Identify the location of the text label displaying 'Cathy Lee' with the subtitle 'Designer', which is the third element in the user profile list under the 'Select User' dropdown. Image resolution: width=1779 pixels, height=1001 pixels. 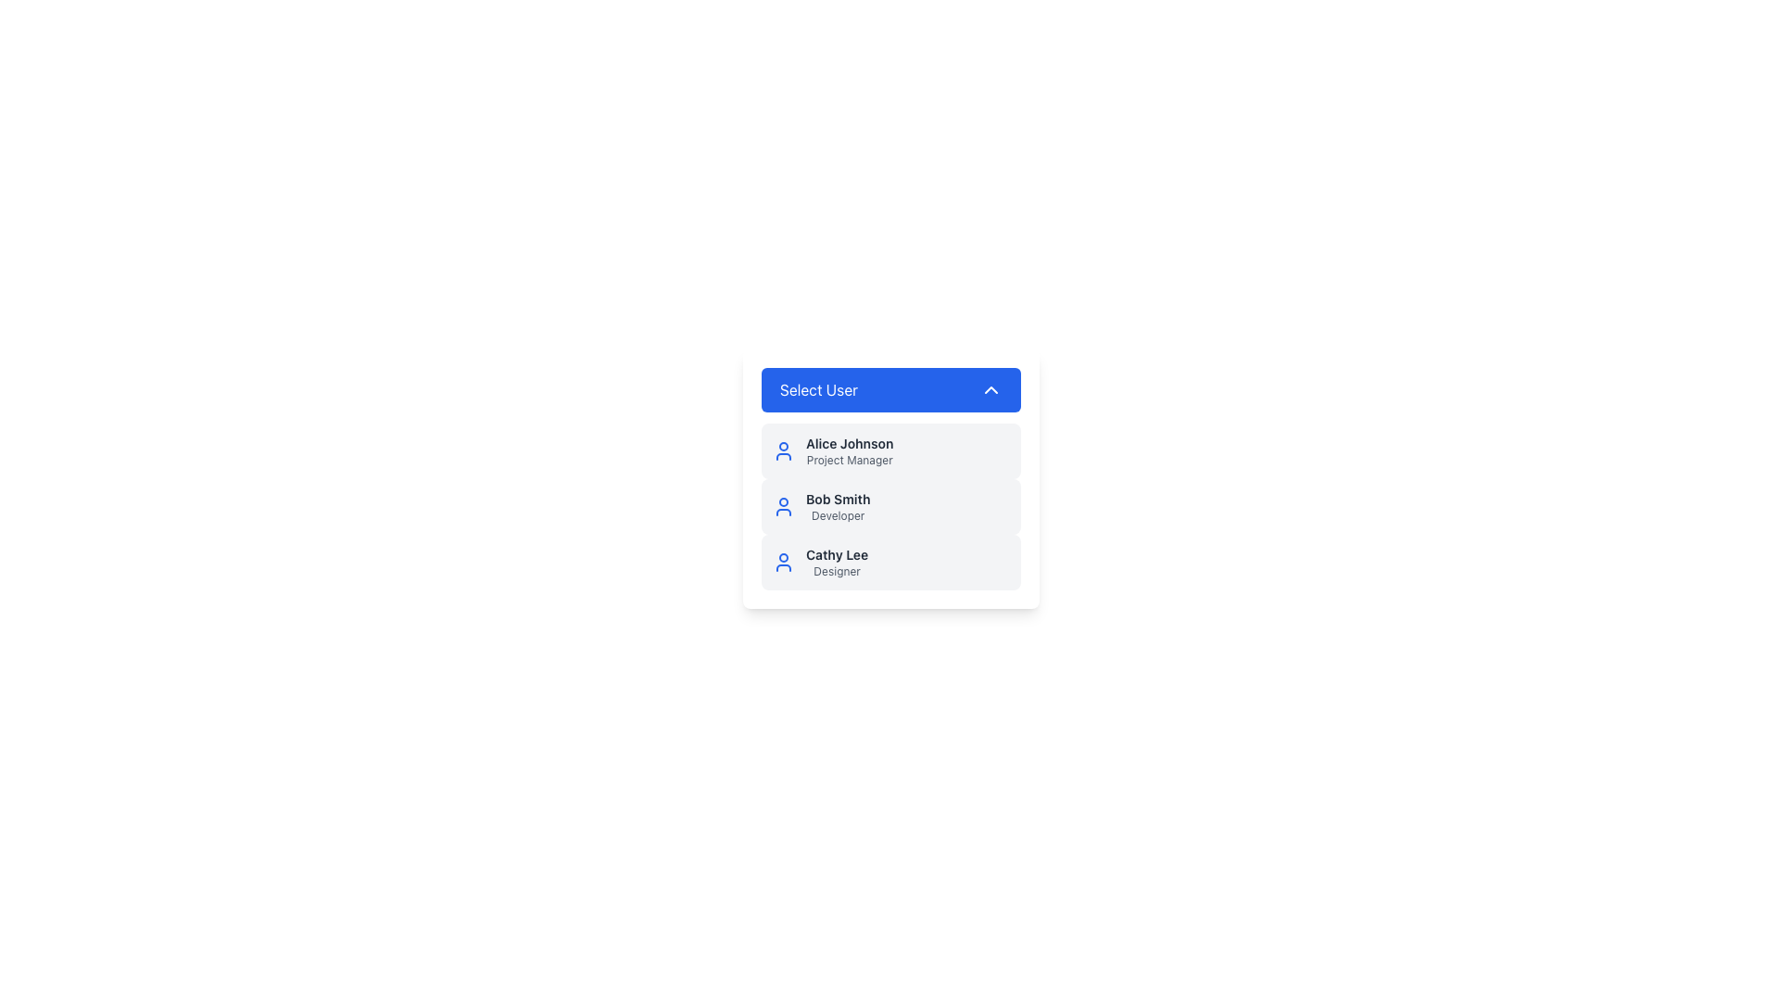
(836, 553).